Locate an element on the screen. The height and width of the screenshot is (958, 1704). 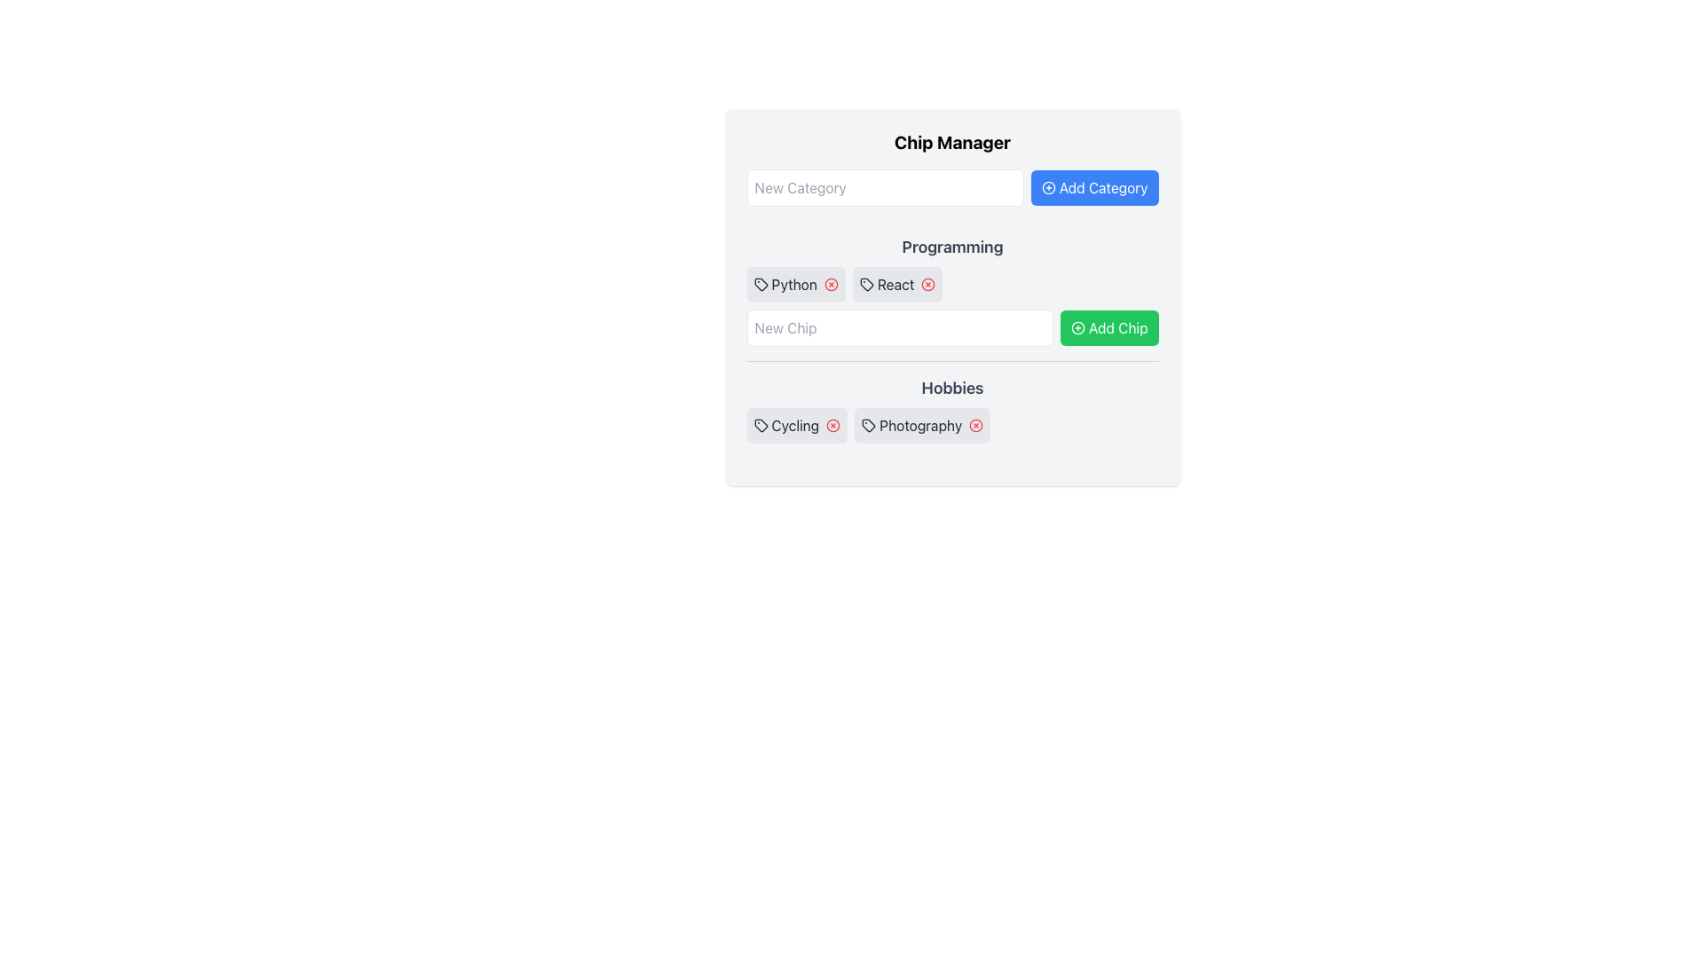
the tag icon in the 'Hobbies' section, specifically part of the 'Photography' chip, which is a polygonal shape with a circular dot, located to the left of the text 'Photography' is located at coordinates (869, 425).